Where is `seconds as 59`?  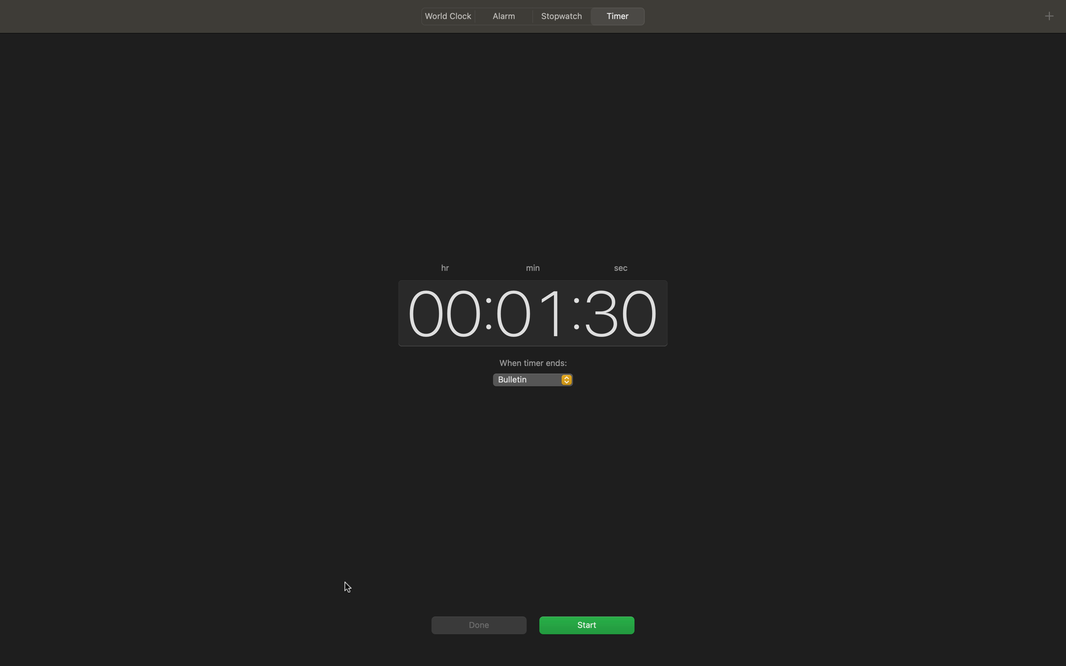
seconds as 59 is located at coordinates (622, 311).